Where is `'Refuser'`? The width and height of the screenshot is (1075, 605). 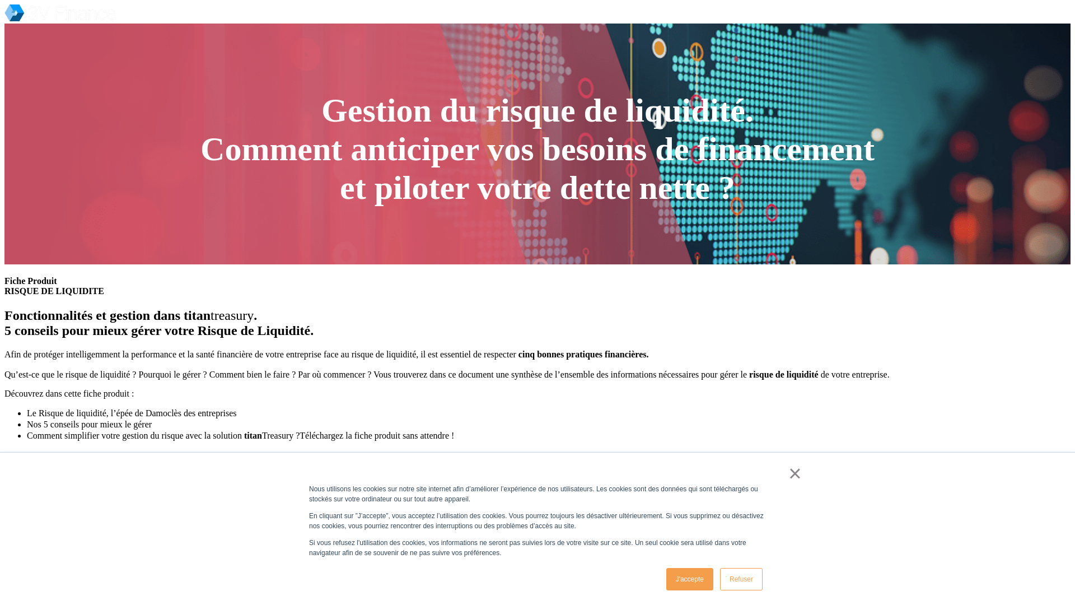
'Refuser' is located at coordinates (720, 579).